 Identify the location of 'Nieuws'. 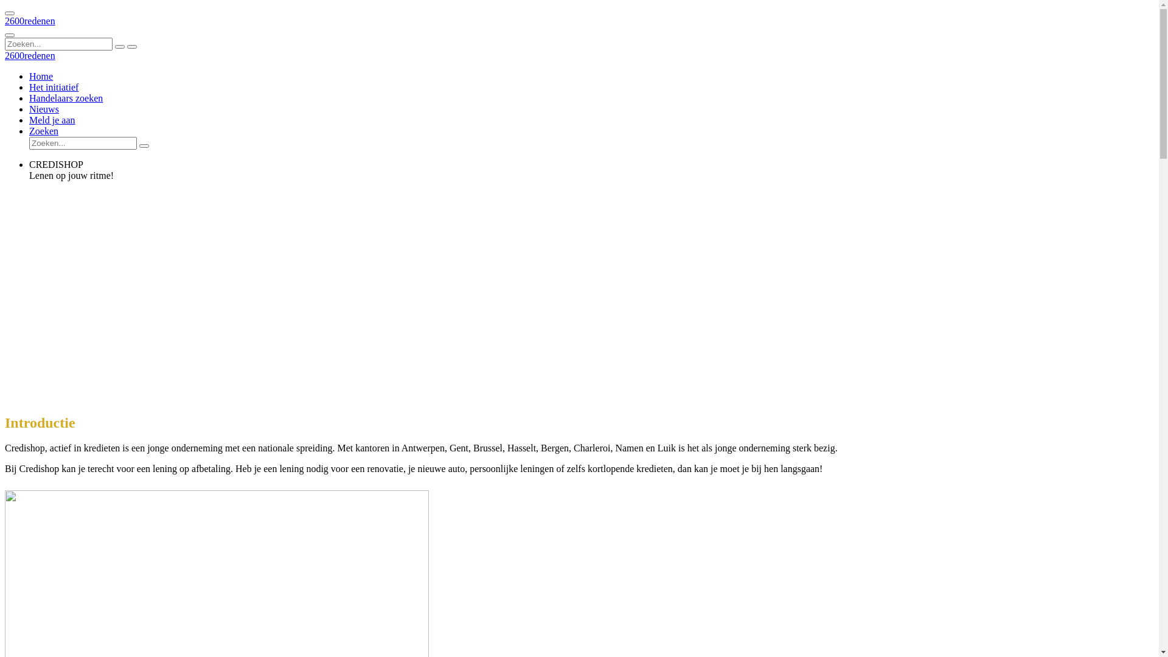
(44, 108).